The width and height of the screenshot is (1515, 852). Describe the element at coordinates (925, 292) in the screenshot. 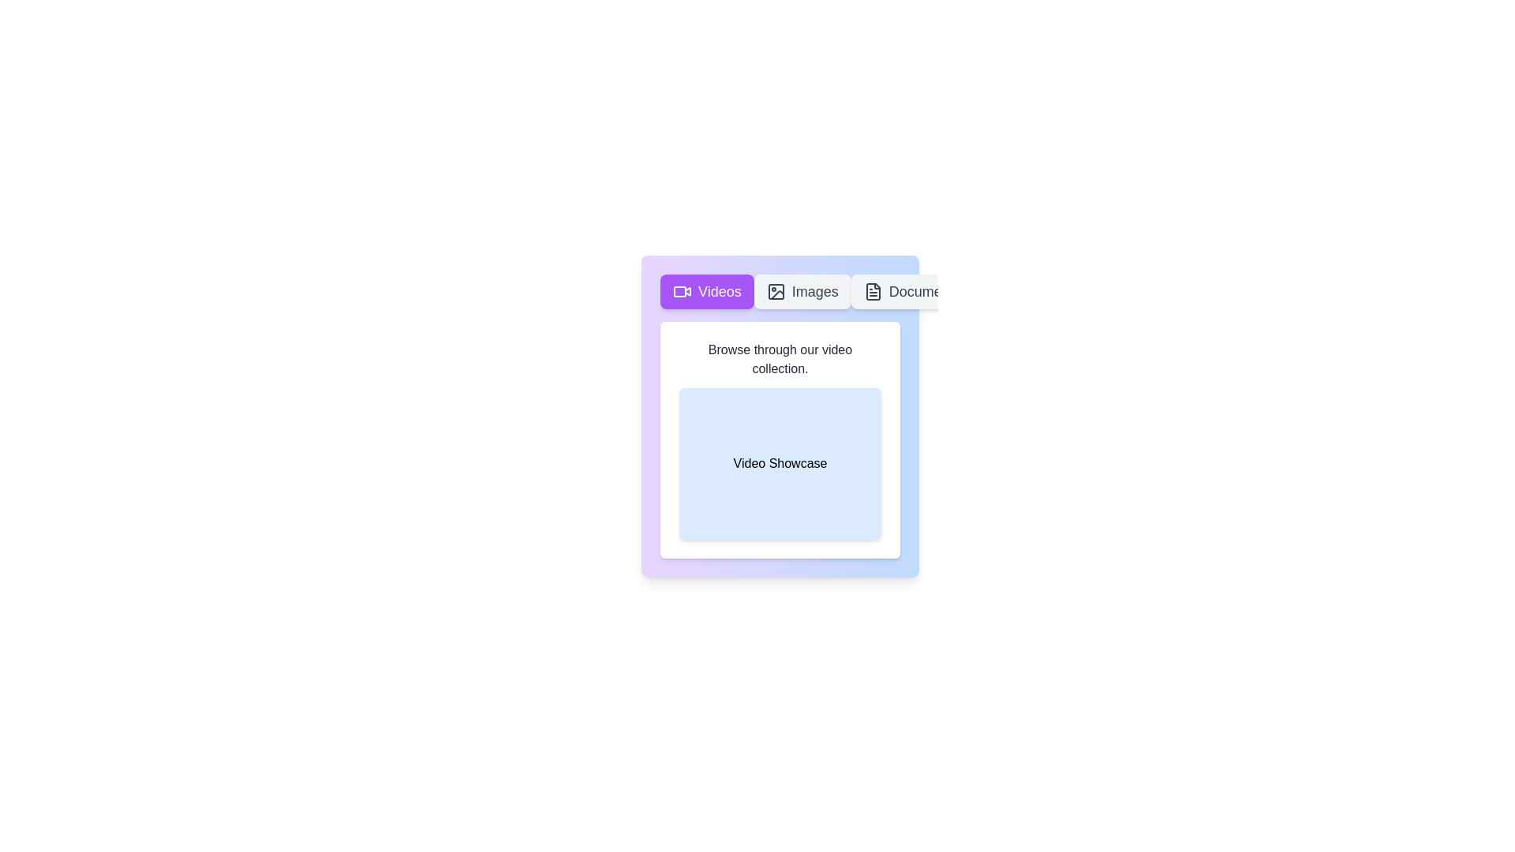

I see `the Text label within the rightmost menu button that indicates document management functionality` at that location.